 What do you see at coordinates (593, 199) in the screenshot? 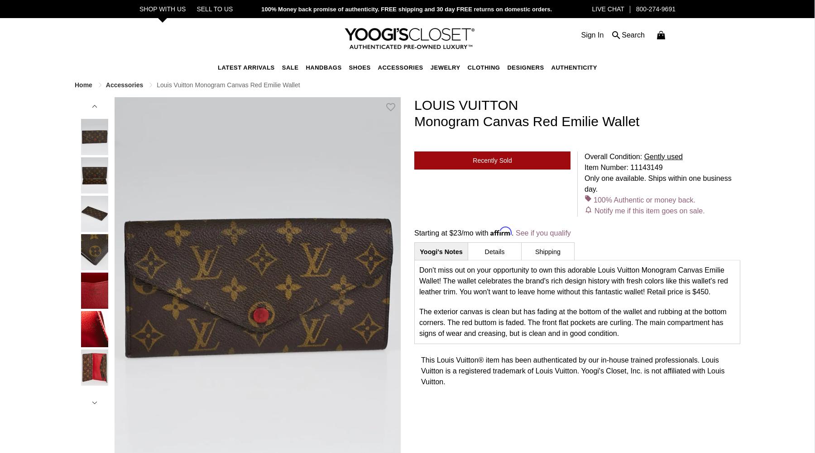
I see `'100% Authentic or money back.'` at bounding box center [593, 199].